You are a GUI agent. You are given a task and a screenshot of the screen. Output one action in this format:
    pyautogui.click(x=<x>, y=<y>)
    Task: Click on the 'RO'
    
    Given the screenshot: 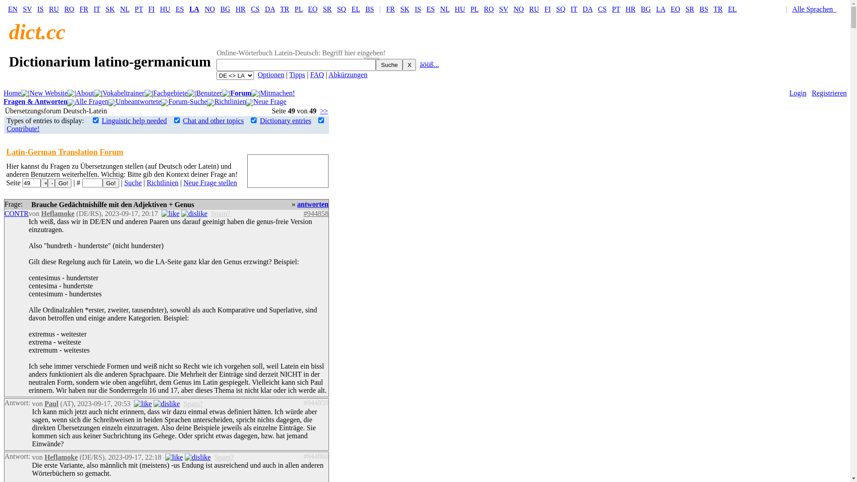 What is the action you would take?
    pyautogui.click(x=488, y=9)
    